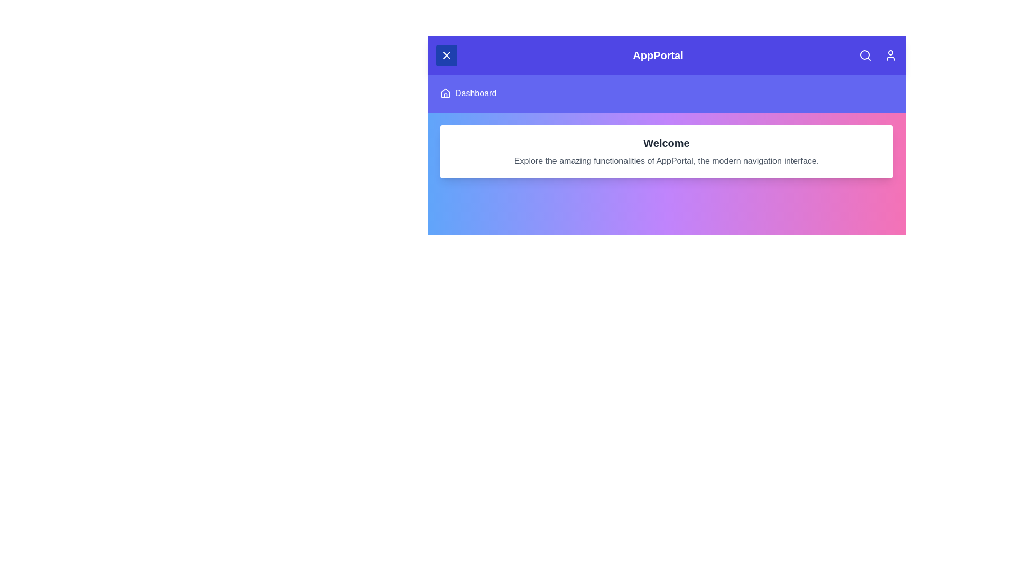  I want to click on the Welcome text area to focus on it, so click(666, 143).